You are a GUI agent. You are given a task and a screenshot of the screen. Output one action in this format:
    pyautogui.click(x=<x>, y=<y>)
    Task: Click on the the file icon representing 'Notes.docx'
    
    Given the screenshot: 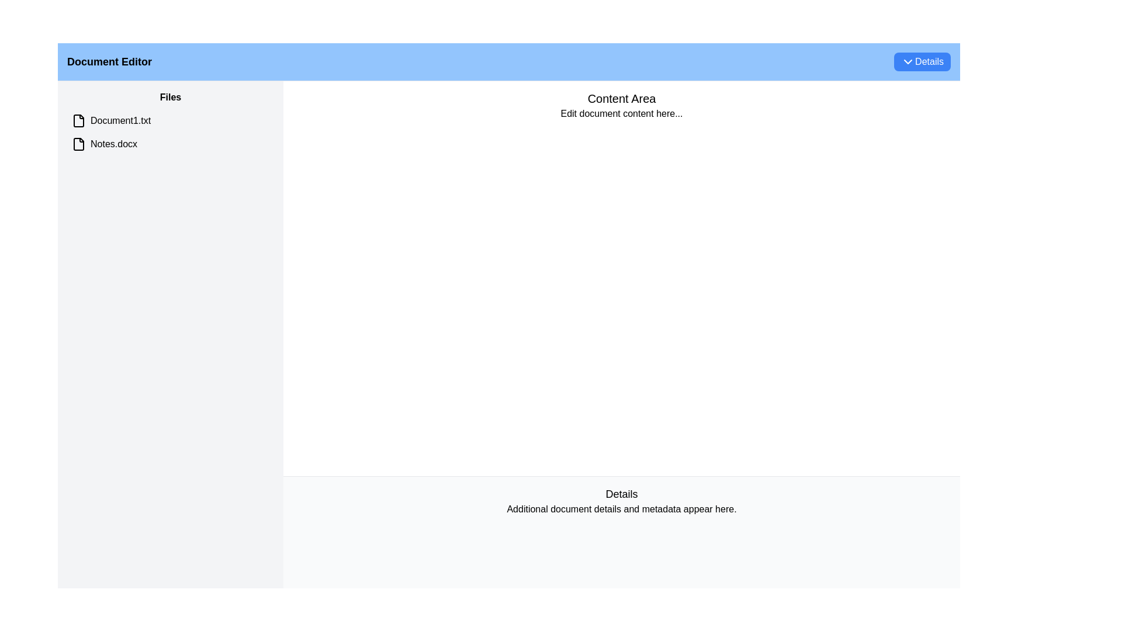 What is the action you would take?
    pyautogui.click(x=78, y=143)
    